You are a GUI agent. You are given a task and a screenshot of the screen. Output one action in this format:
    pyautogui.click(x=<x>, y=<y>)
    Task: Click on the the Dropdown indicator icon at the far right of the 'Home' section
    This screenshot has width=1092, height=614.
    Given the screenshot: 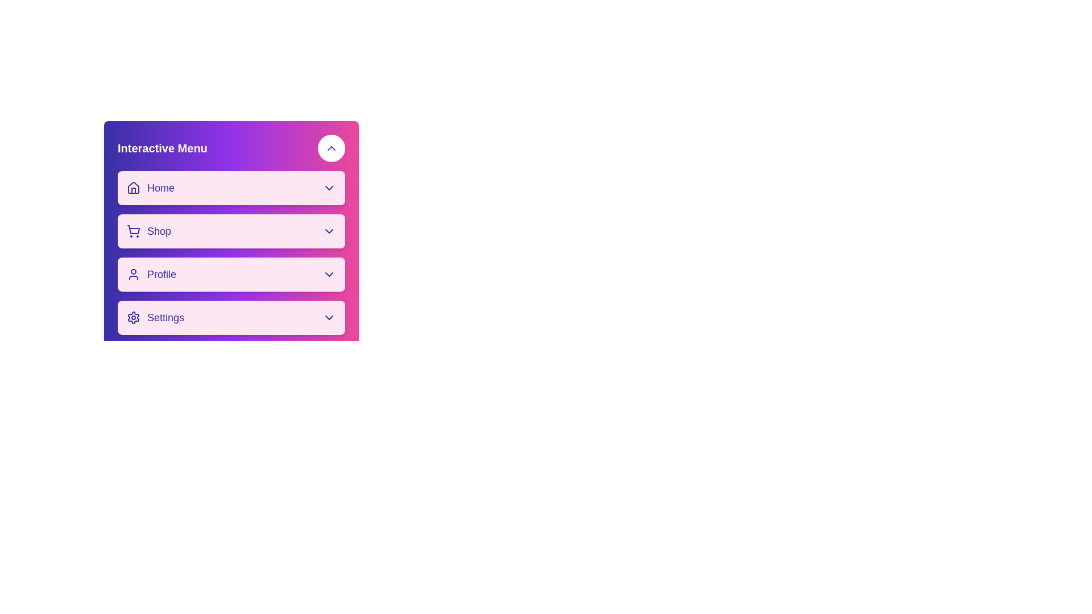 What is the action you would take?
    pyautogui.click(x=329, y=188)
    